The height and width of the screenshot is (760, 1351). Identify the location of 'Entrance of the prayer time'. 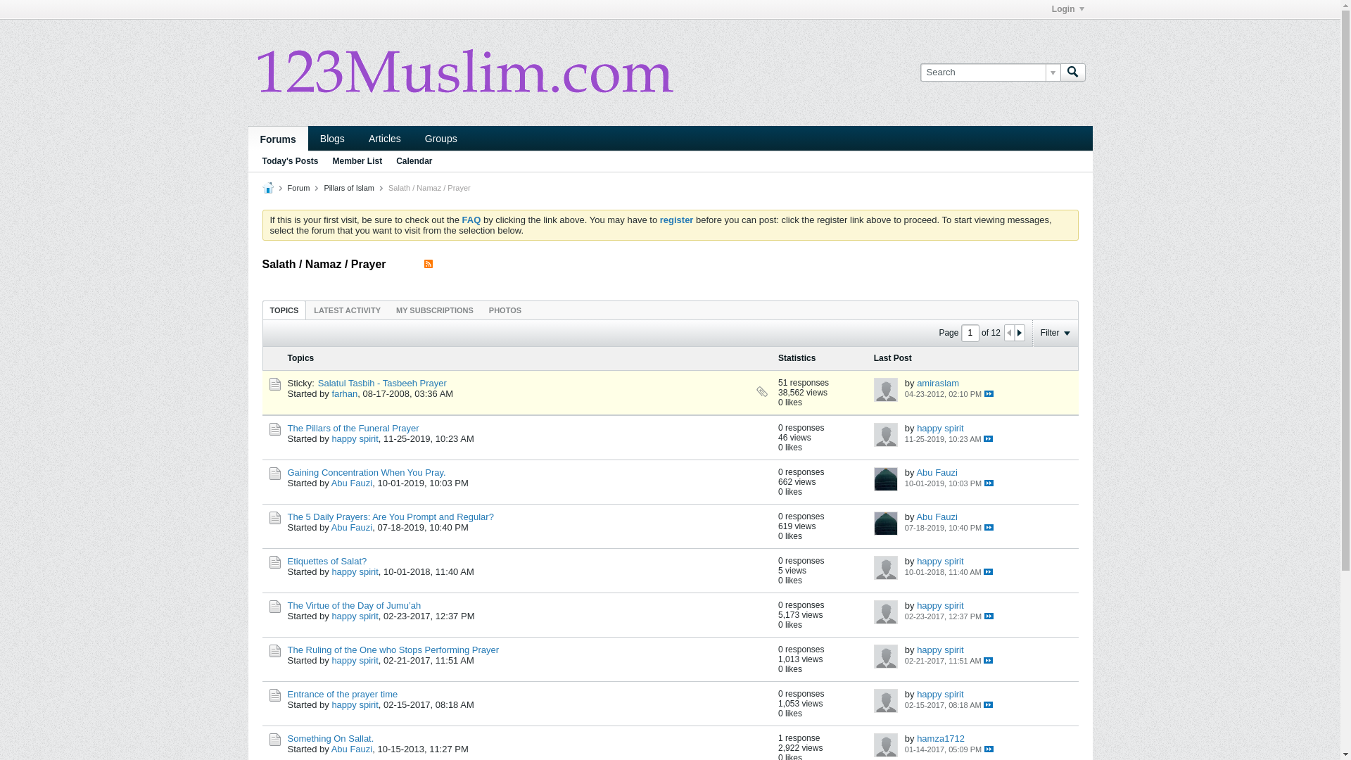
(342, 693).